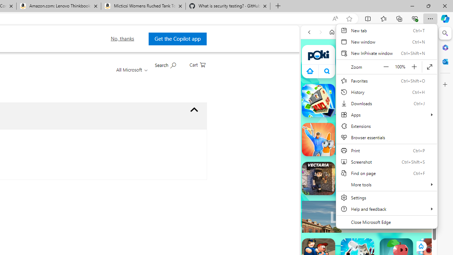 The image size is (453, 255). What do you see at coordinates (386, 53) in the screenshot?
I see `'New InPrivate window'` at bounding box center [386, 53].